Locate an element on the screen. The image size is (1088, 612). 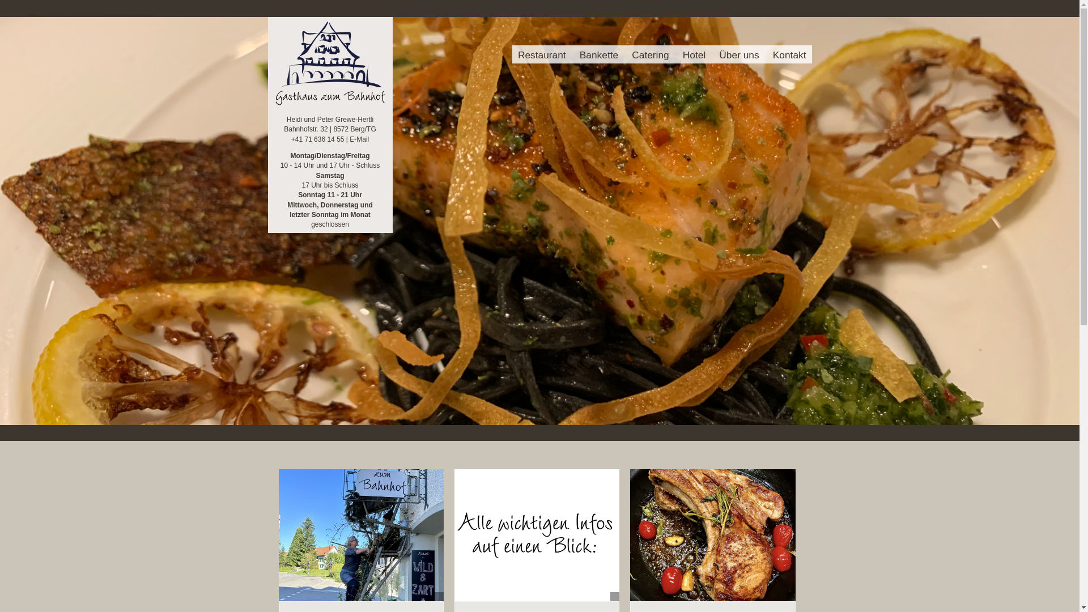
'Bankette' is located at coordinates (598, 54).